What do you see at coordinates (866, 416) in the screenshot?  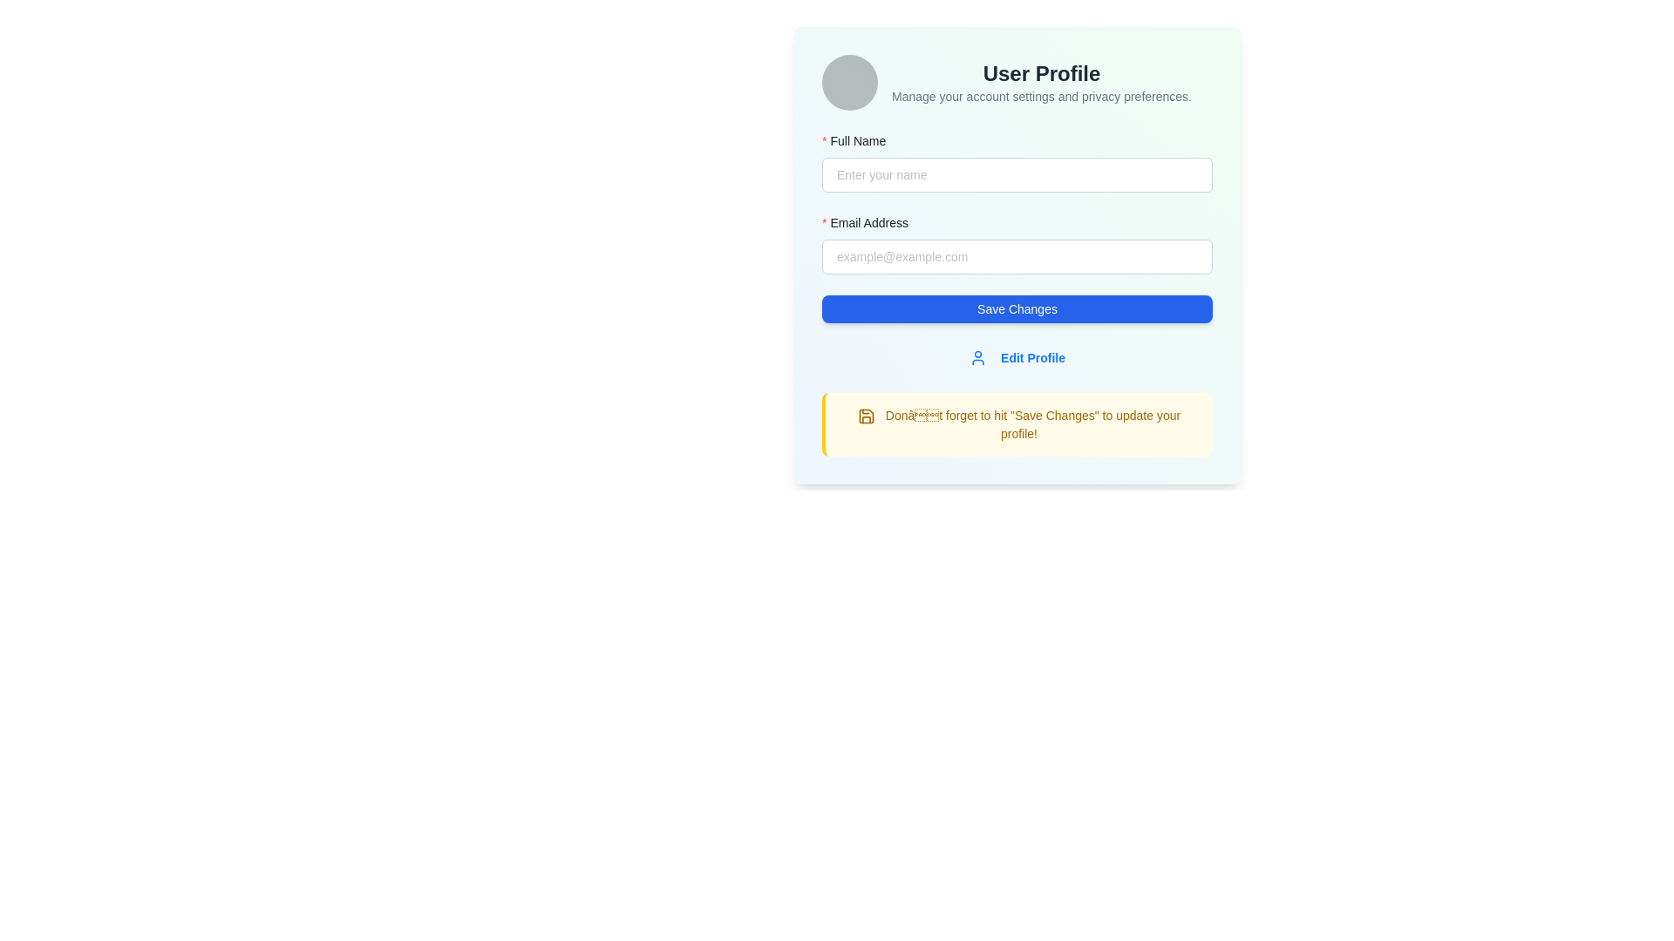 I see `the save icon, which resembles a floppy disk, positioned near the bottom center of the interface, adjacent to the 'Edit Profile' button` at bounding box center [866, 416].